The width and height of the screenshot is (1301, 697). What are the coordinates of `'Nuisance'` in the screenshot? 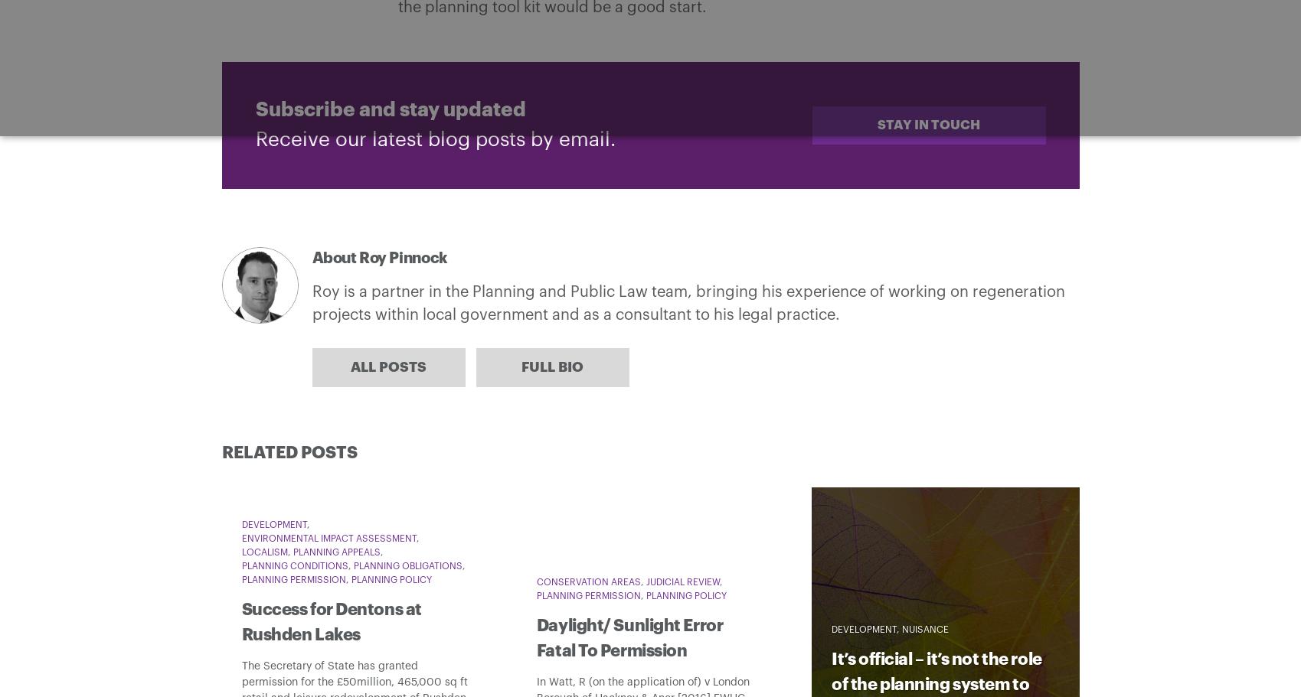 It's located at (925, 628).